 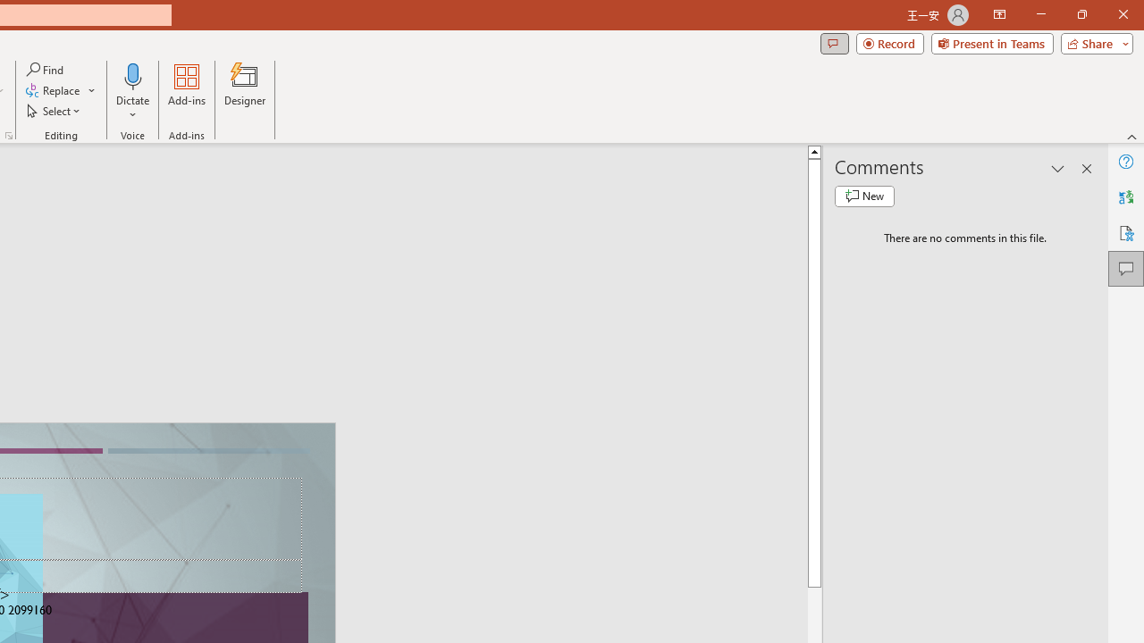 I want to click on 'Select', so click(x=55, y=111).